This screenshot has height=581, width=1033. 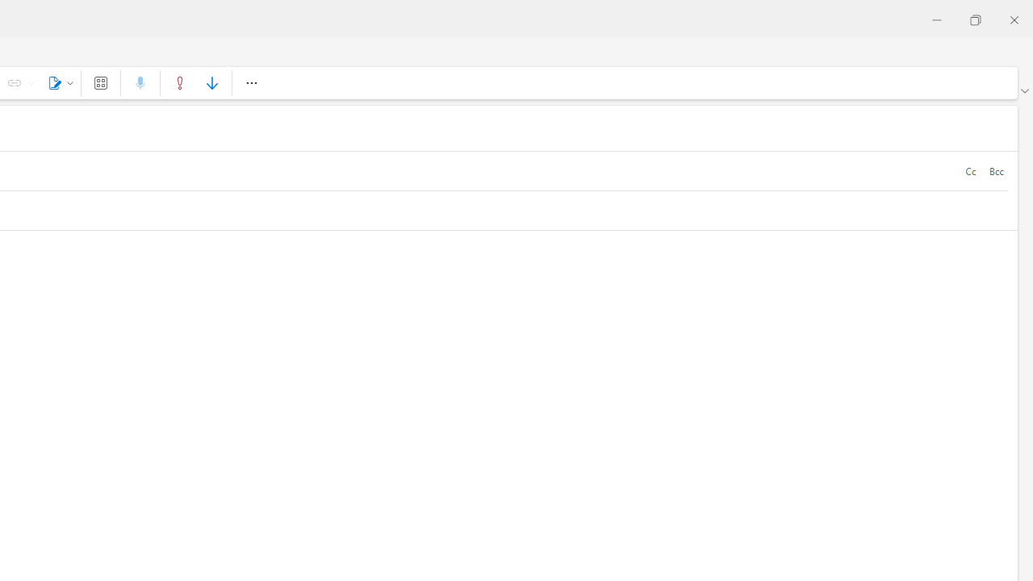 What do you see at coordinates (969, 171) in the screenshot?
I see `'Cc'` at bounding box center [969, 171].